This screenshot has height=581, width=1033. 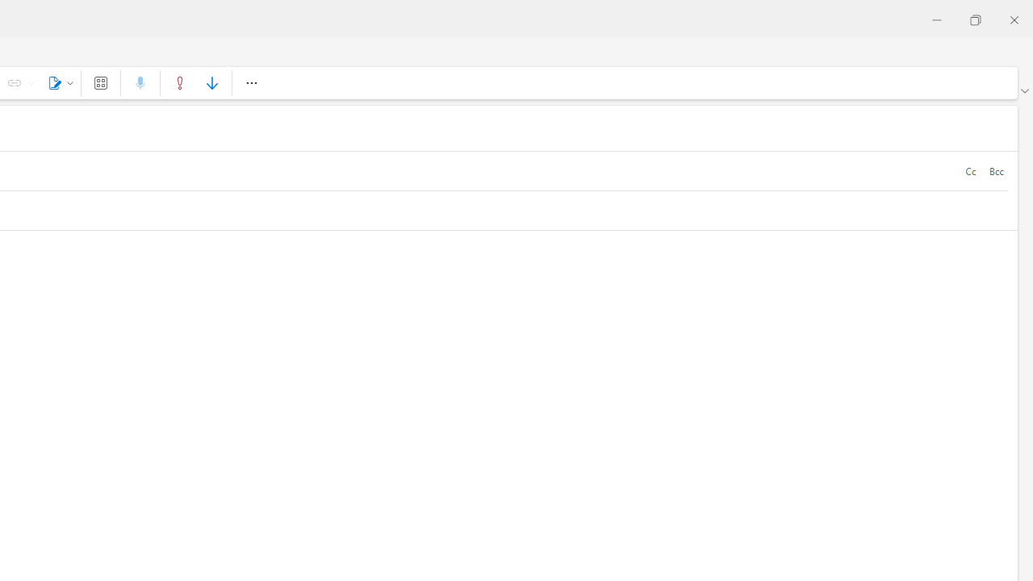 What do you see at coordinates (969, 171) in the screenshot?
I see `'Cc'` at bounding box center [969, 171].